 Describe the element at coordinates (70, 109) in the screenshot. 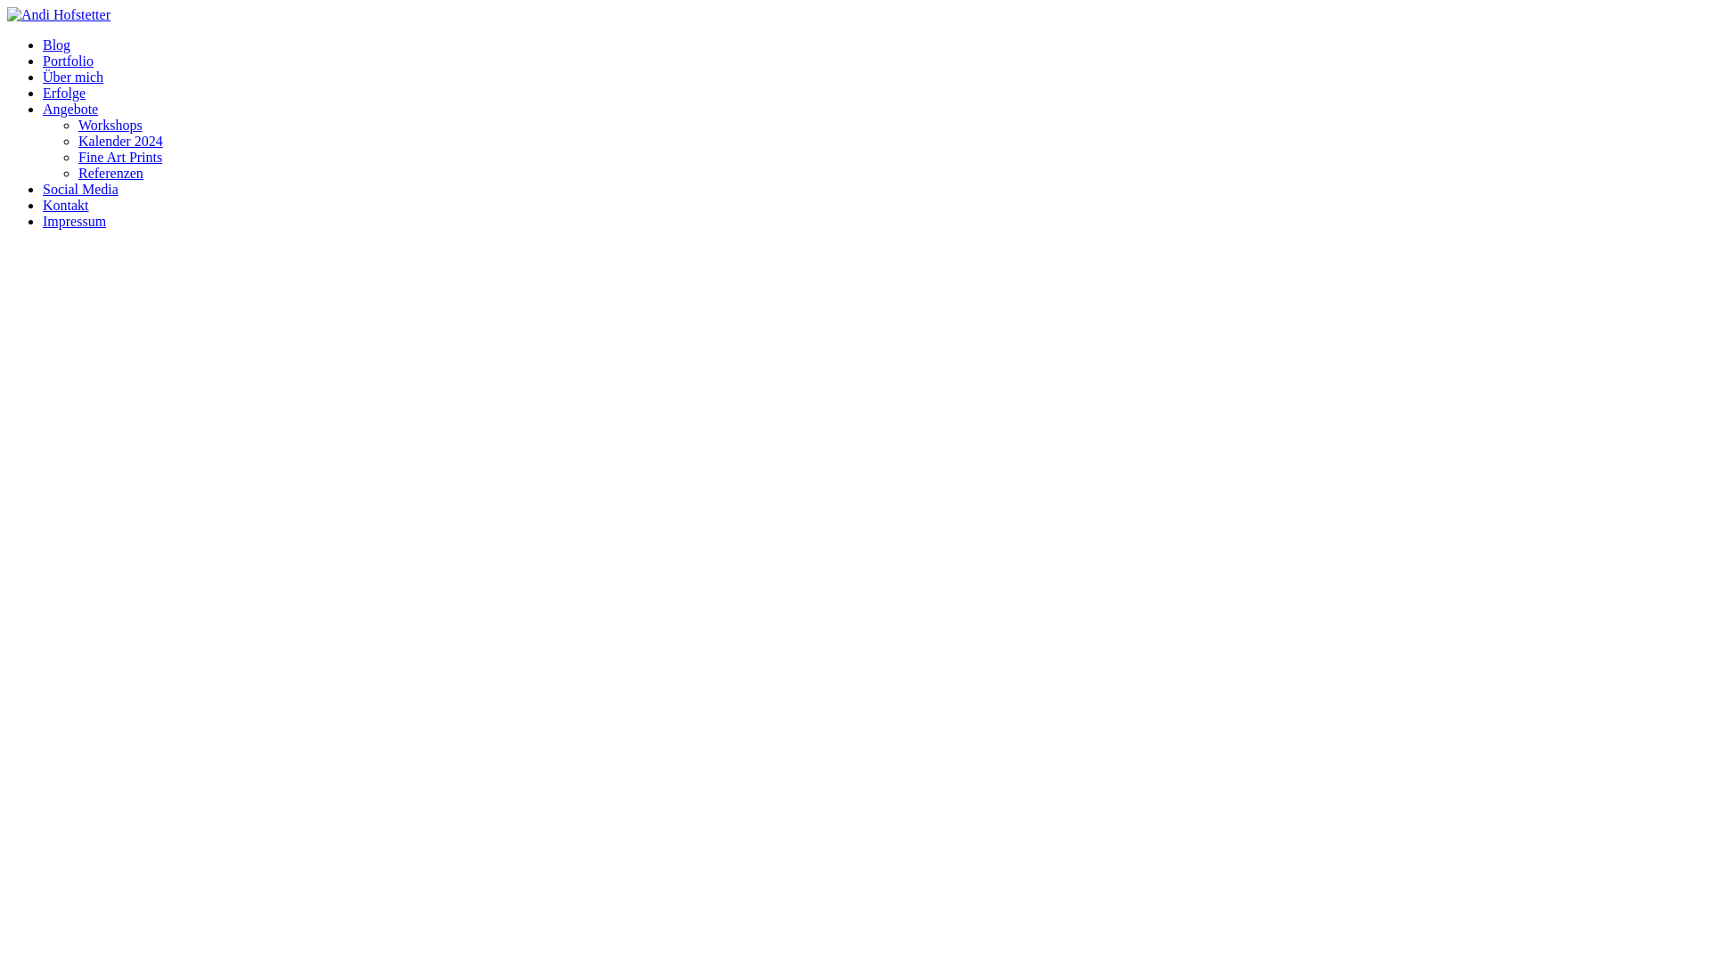

I see `'Angebote'` at that location.